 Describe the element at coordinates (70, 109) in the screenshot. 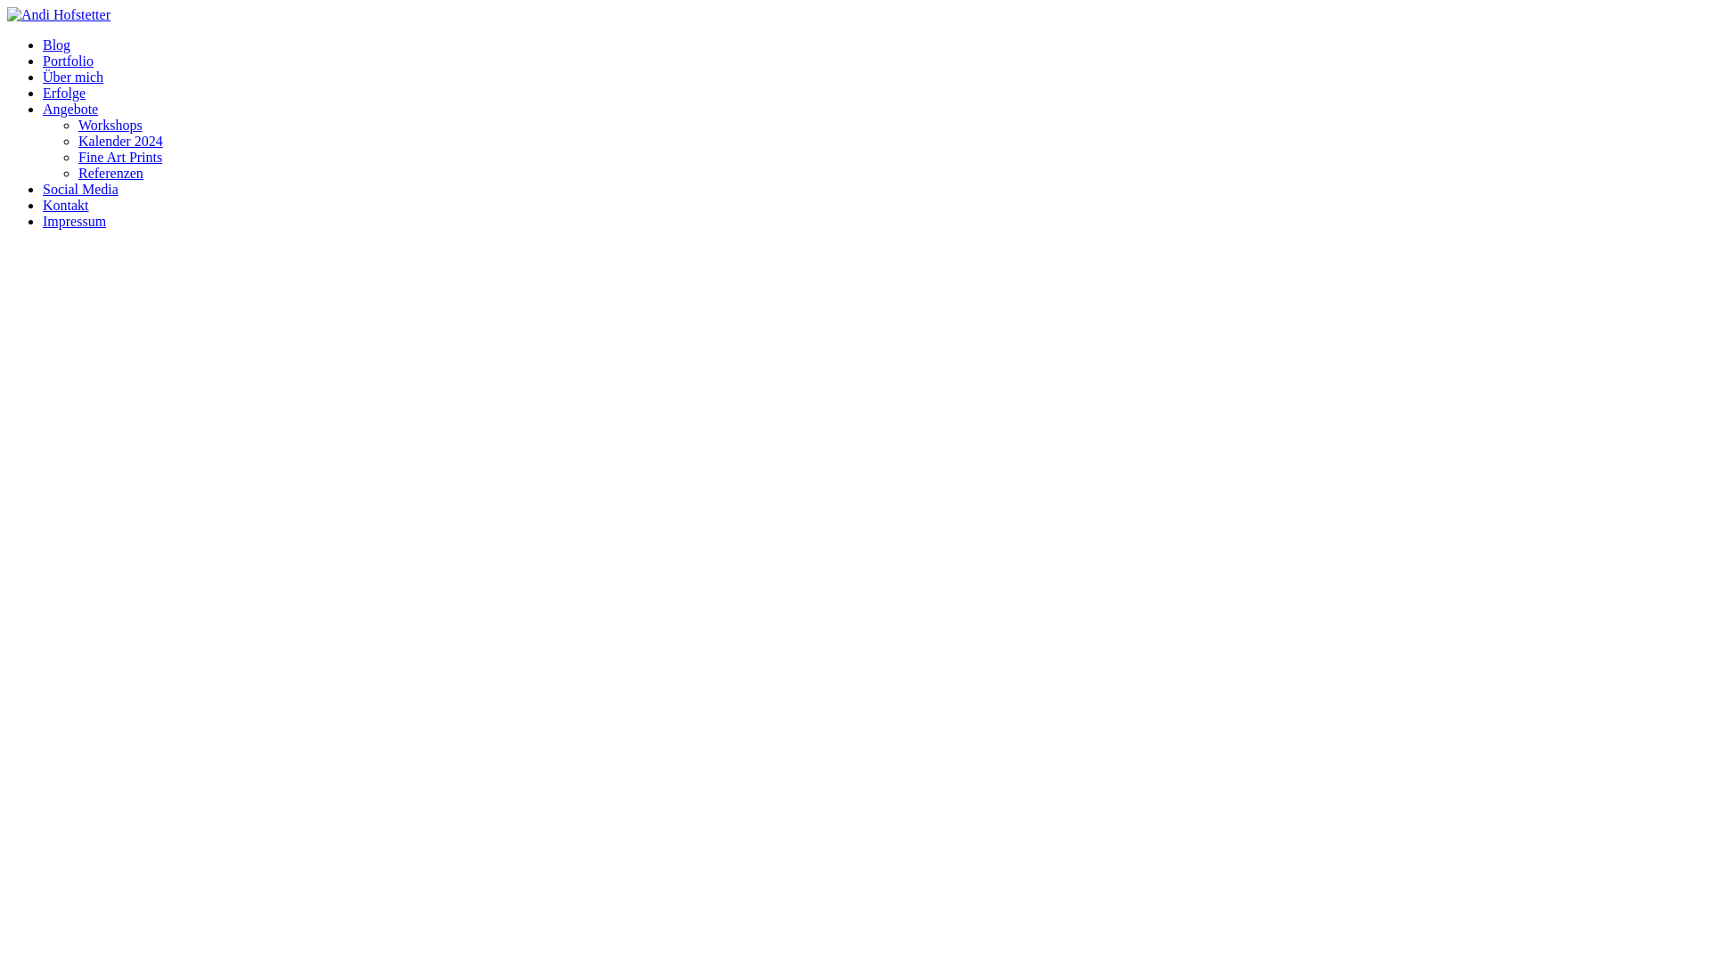

I see `'Angebote'` at that location.